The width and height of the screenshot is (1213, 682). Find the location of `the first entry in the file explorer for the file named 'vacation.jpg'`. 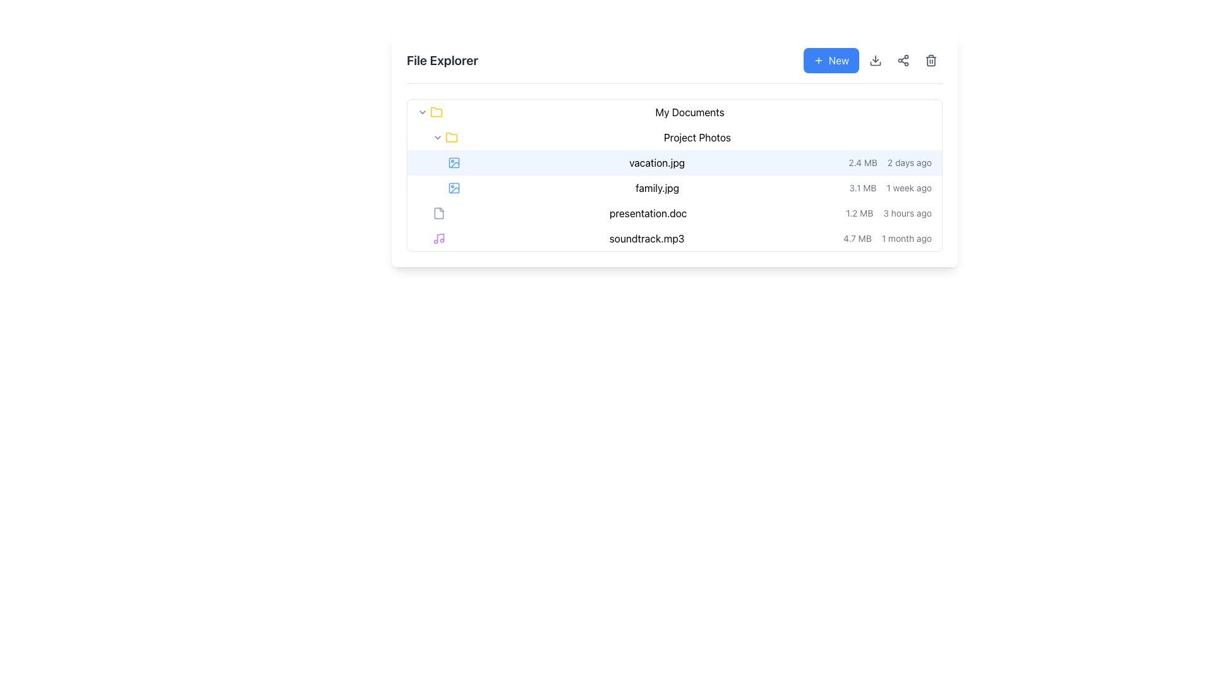

the first entry in the file explorer for the file named 'vacation.jpg' is located at coordinates (674, 149).